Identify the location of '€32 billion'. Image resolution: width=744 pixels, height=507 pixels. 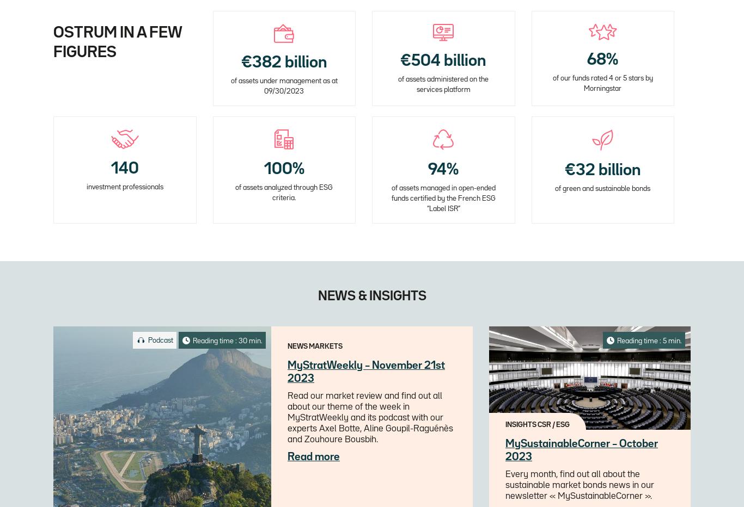
(602, 170).